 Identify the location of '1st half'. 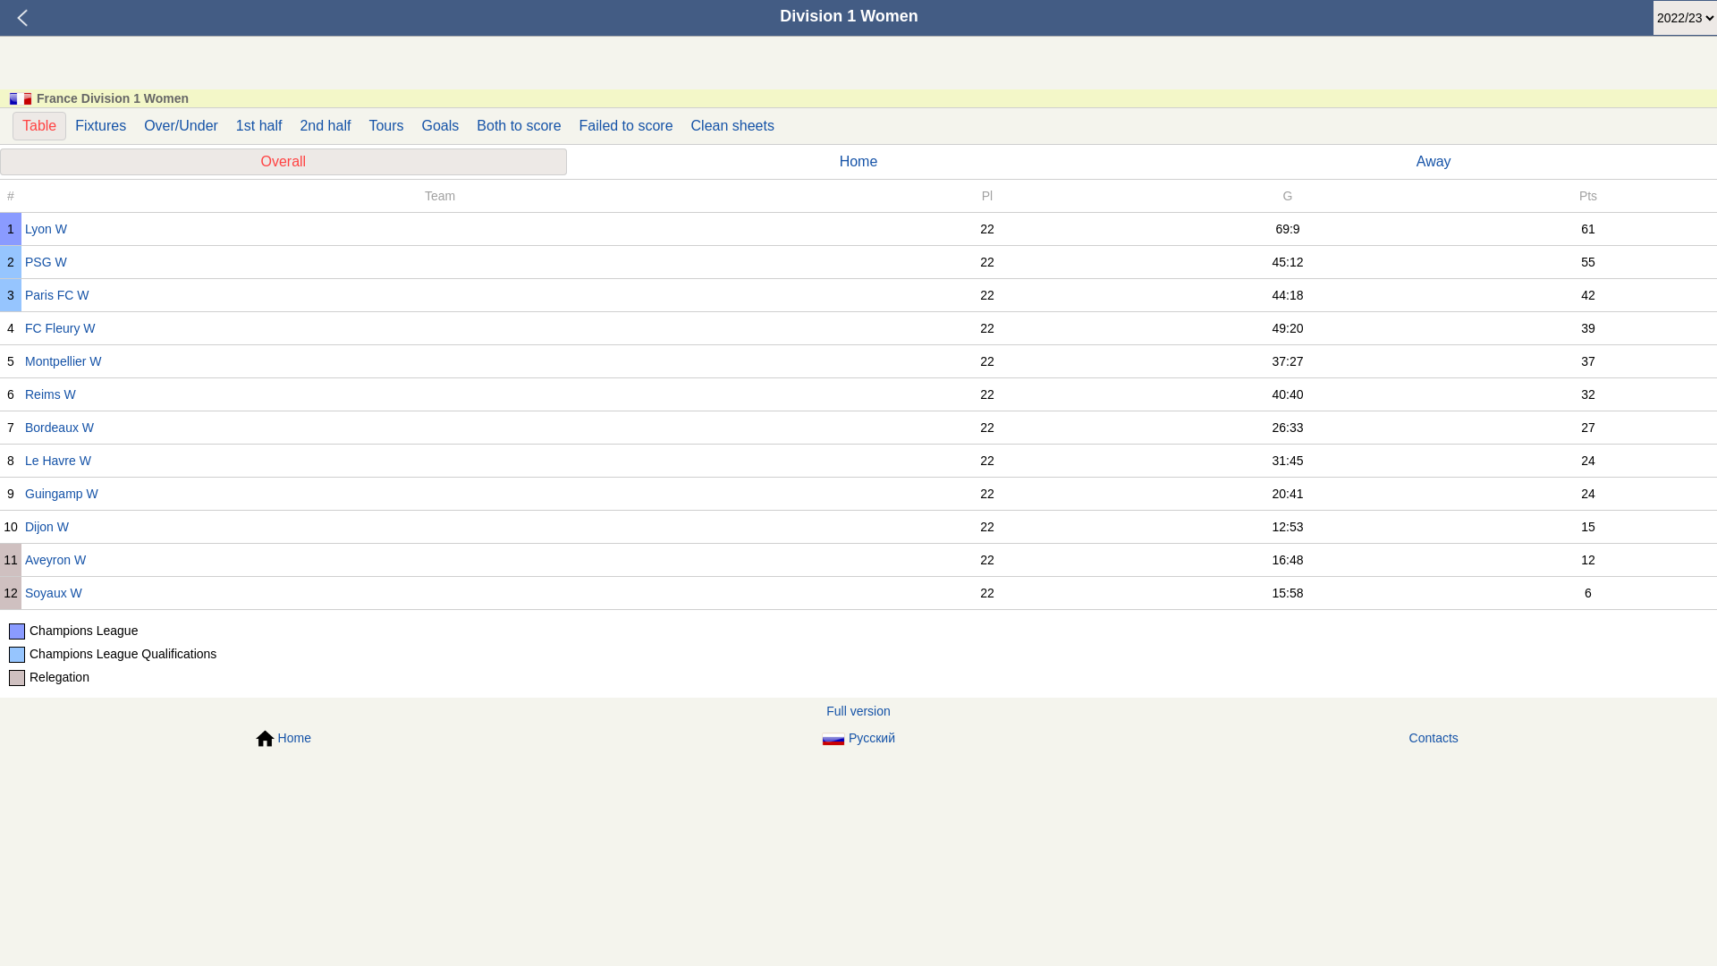
(258, 125).